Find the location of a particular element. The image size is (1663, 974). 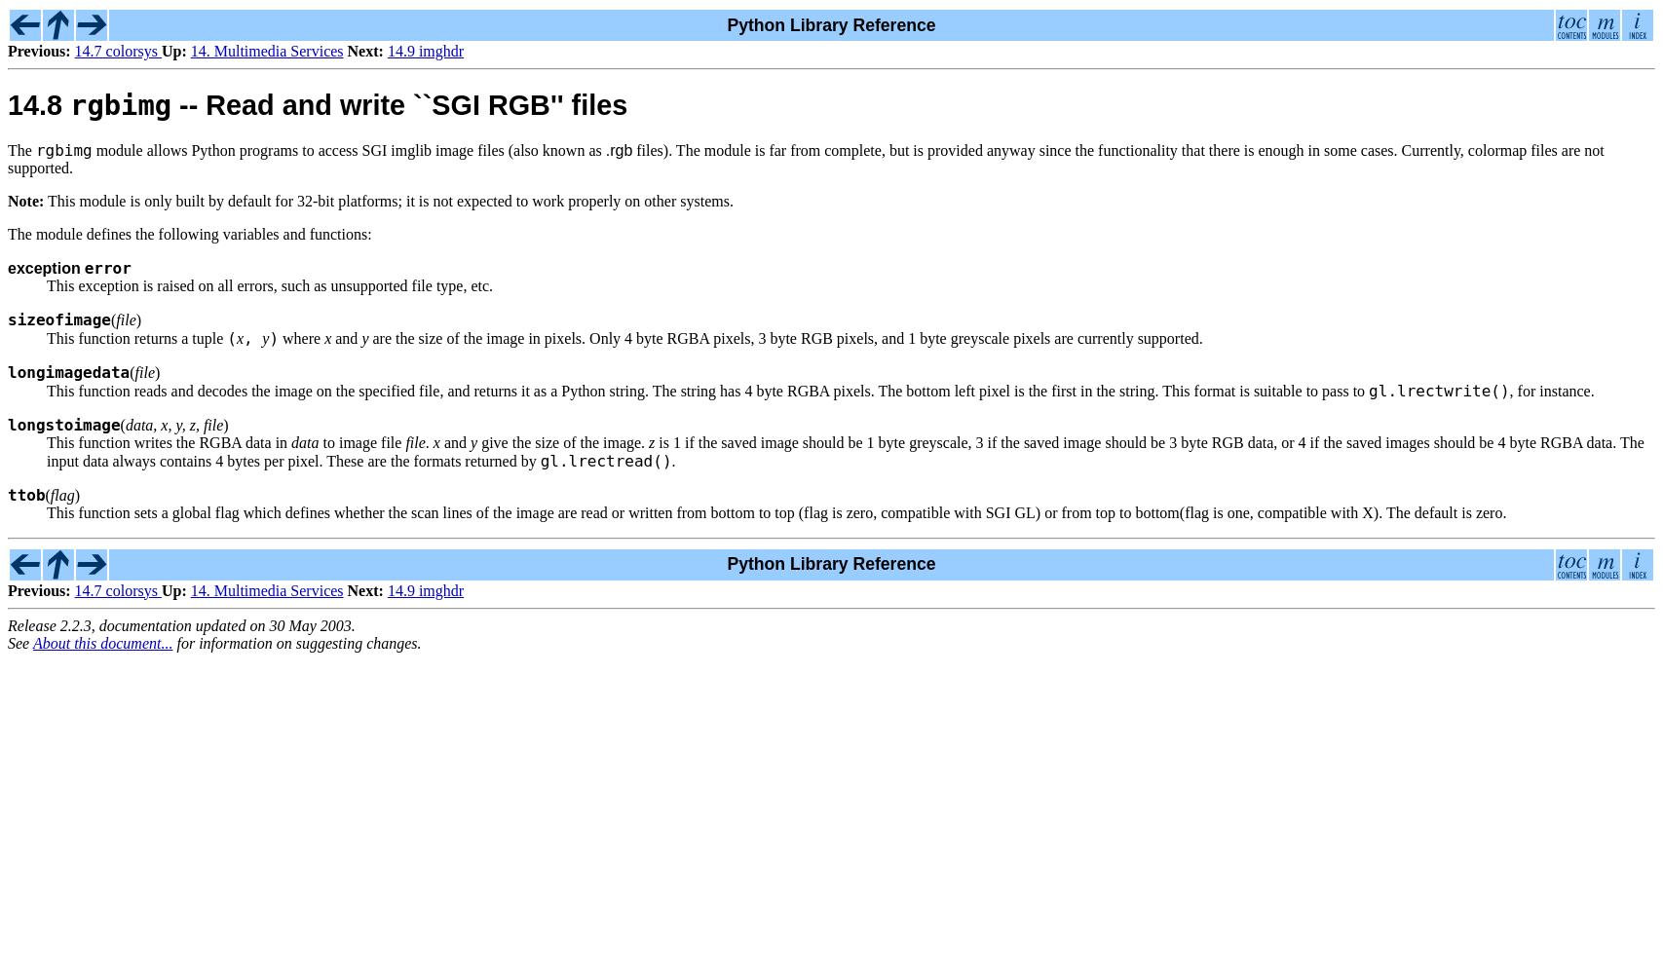

'This exception is raised on all errors, such as unsupported file type, etc.' is located at coordinates (270, 284).